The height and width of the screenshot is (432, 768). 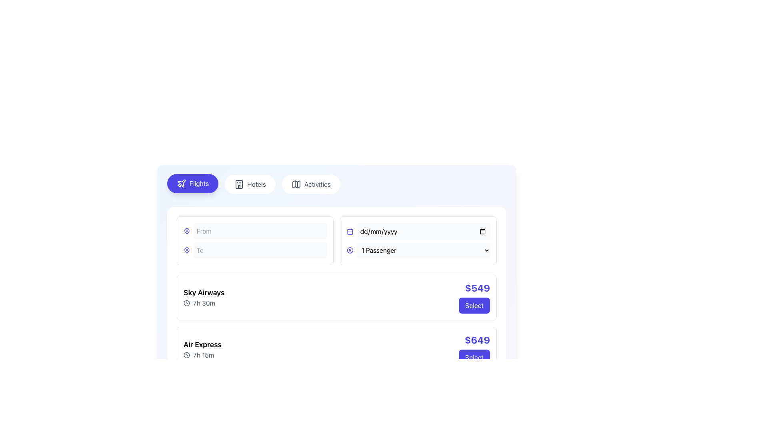 I want to click on the passenger count dropdown menu, so click(x=418, y=250).